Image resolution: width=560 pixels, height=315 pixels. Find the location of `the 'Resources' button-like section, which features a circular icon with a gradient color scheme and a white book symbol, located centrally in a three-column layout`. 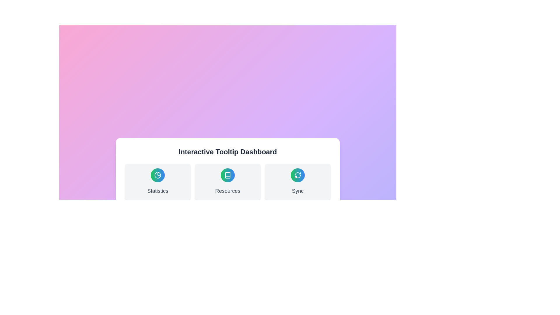

the 'Resources' button-like section, which features a circular icon with a gradient color scheme and a white book symbol, located centrally in a three-column layout is located at coordinates (228, 181).